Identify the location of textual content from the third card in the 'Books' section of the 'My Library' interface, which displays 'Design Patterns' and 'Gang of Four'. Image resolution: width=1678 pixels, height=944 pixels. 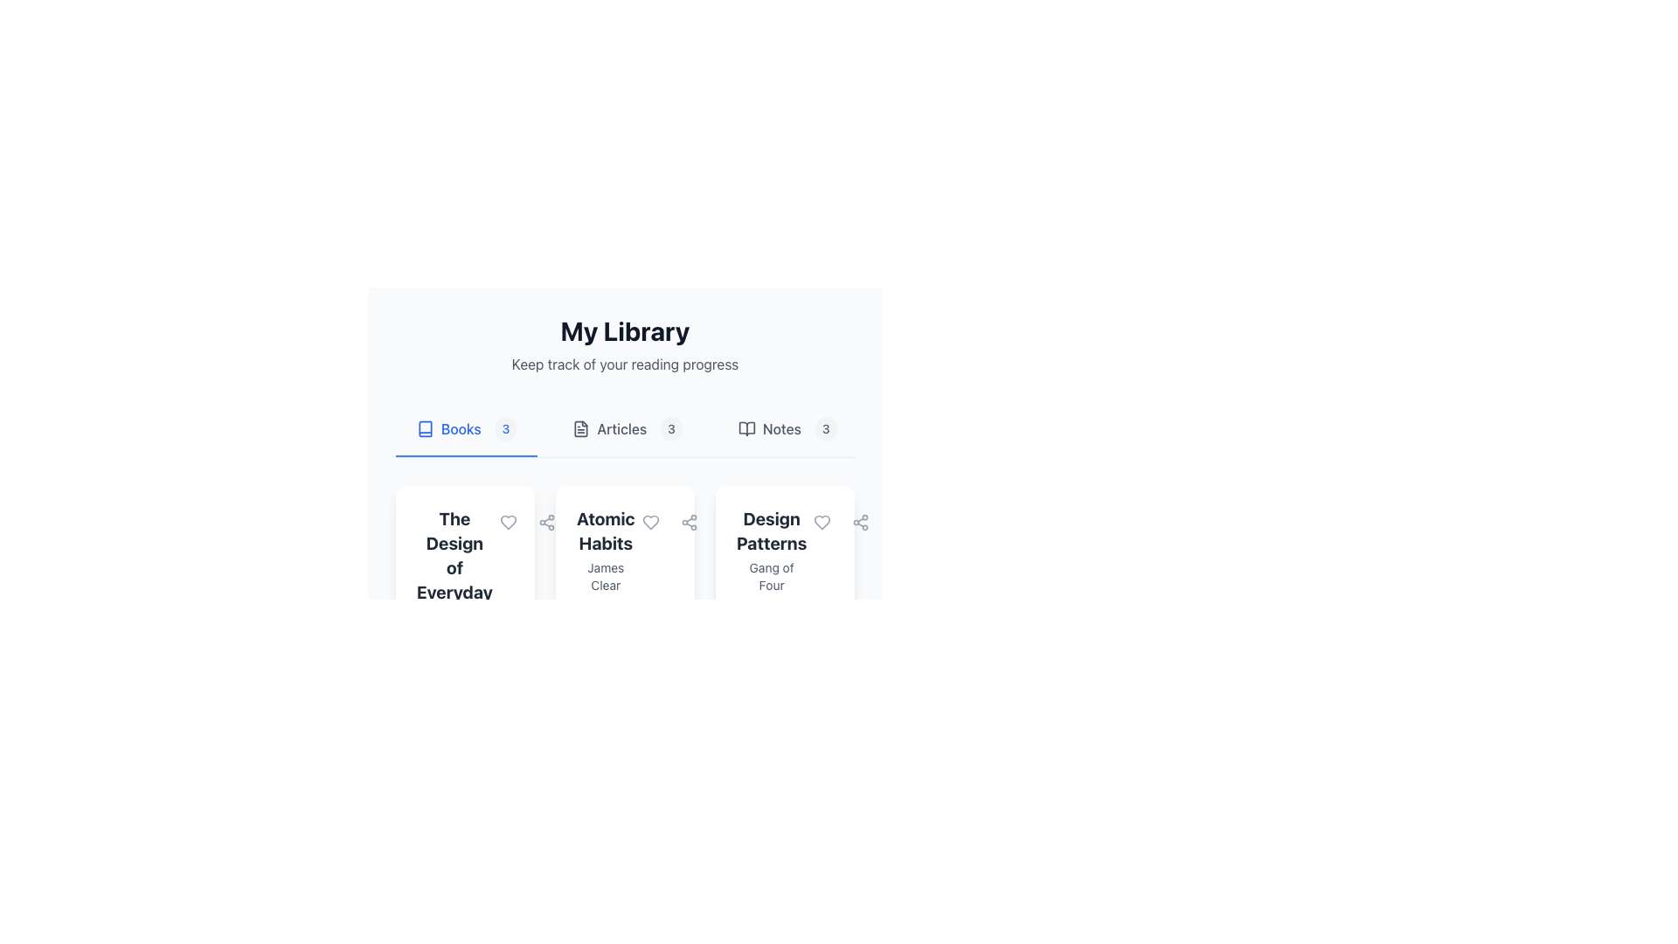
(771, 549).